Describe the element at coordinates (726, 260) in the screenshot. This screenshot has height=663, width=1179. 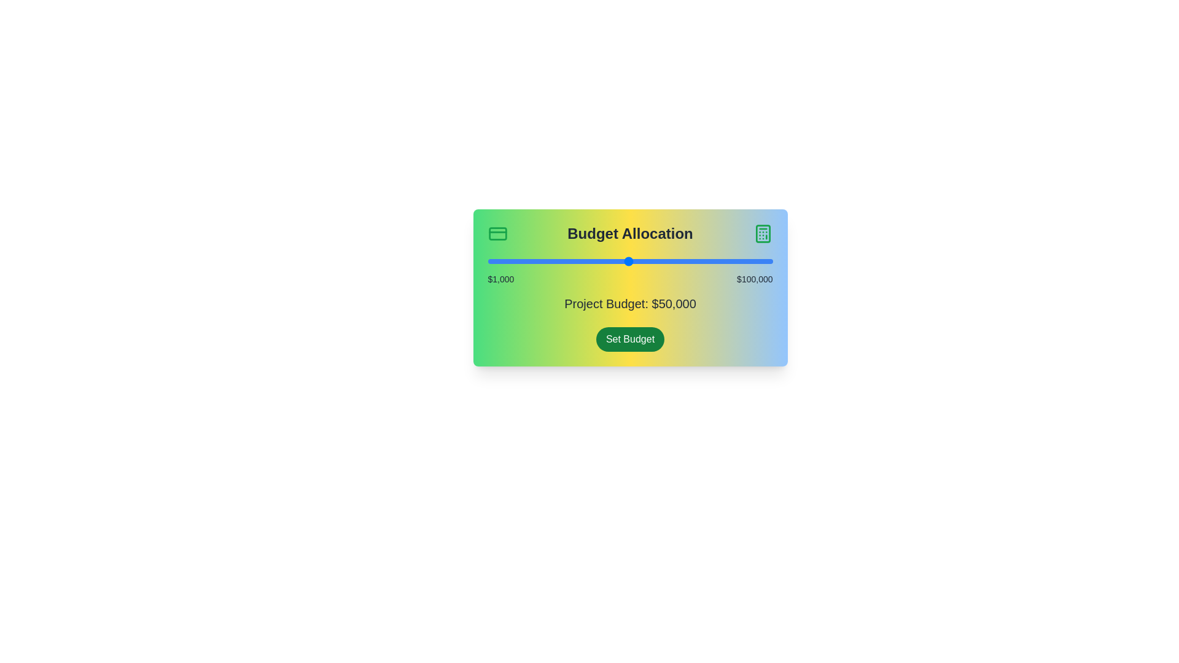
I see `the slider to set the project budget to 83998 dollars` at that location.